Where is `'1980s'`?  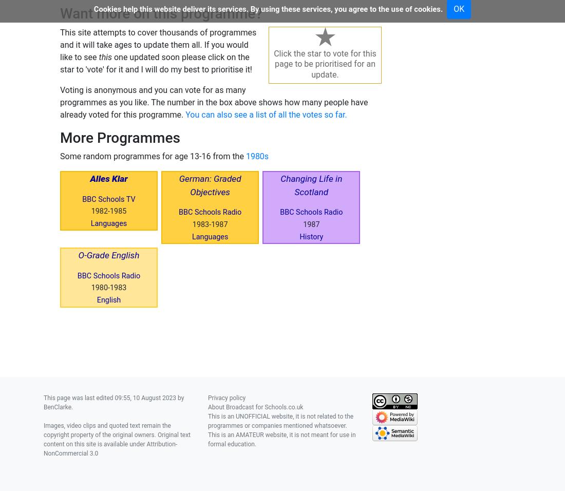
'1980s' is located at coordinates (257, 156).